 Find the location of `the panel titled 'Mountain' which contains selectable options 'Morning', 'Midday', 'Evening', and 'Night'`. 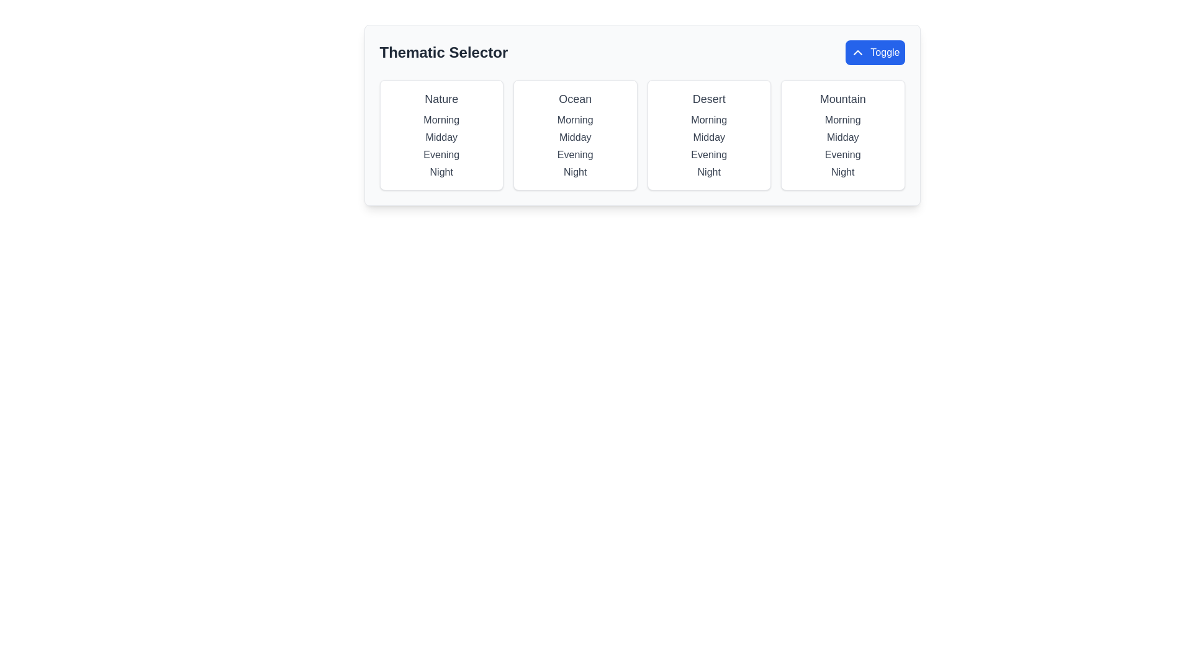

the panel titled 'Mountain' which contains selectable options 'Morning', 'Midday', 'Evening', and 'Night' is located at coordinates (842, 135).